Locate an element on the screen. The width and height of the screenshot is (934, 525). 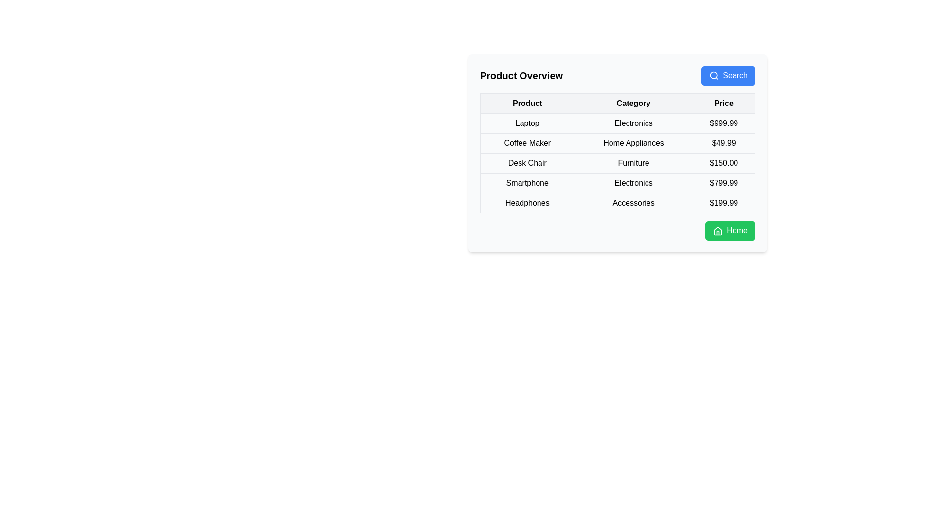
the table row item displaying the product 'Desk Chair', which is located in the third row of the table under the headers 'Product', 'Category', and 'Price' is located at coordinates (617, 162).